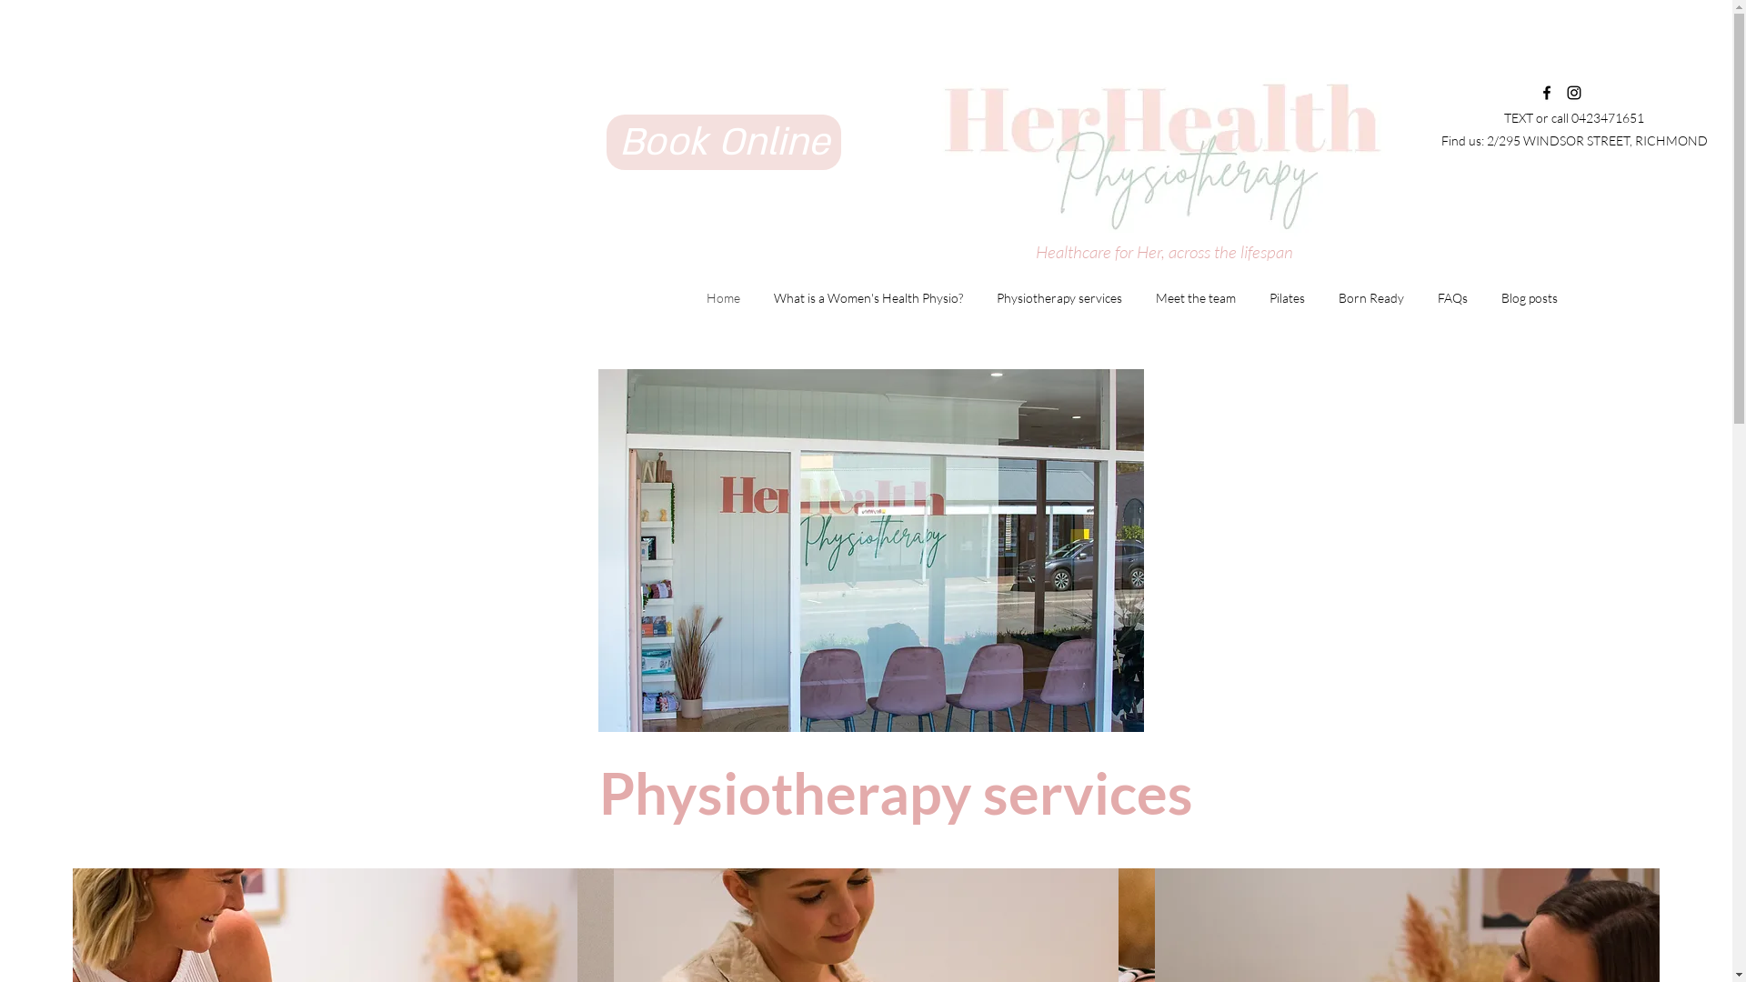 Image resolution: width=1746 pixels, height=982 pixels. I want to click on 'Book Online', so click(607, 141).